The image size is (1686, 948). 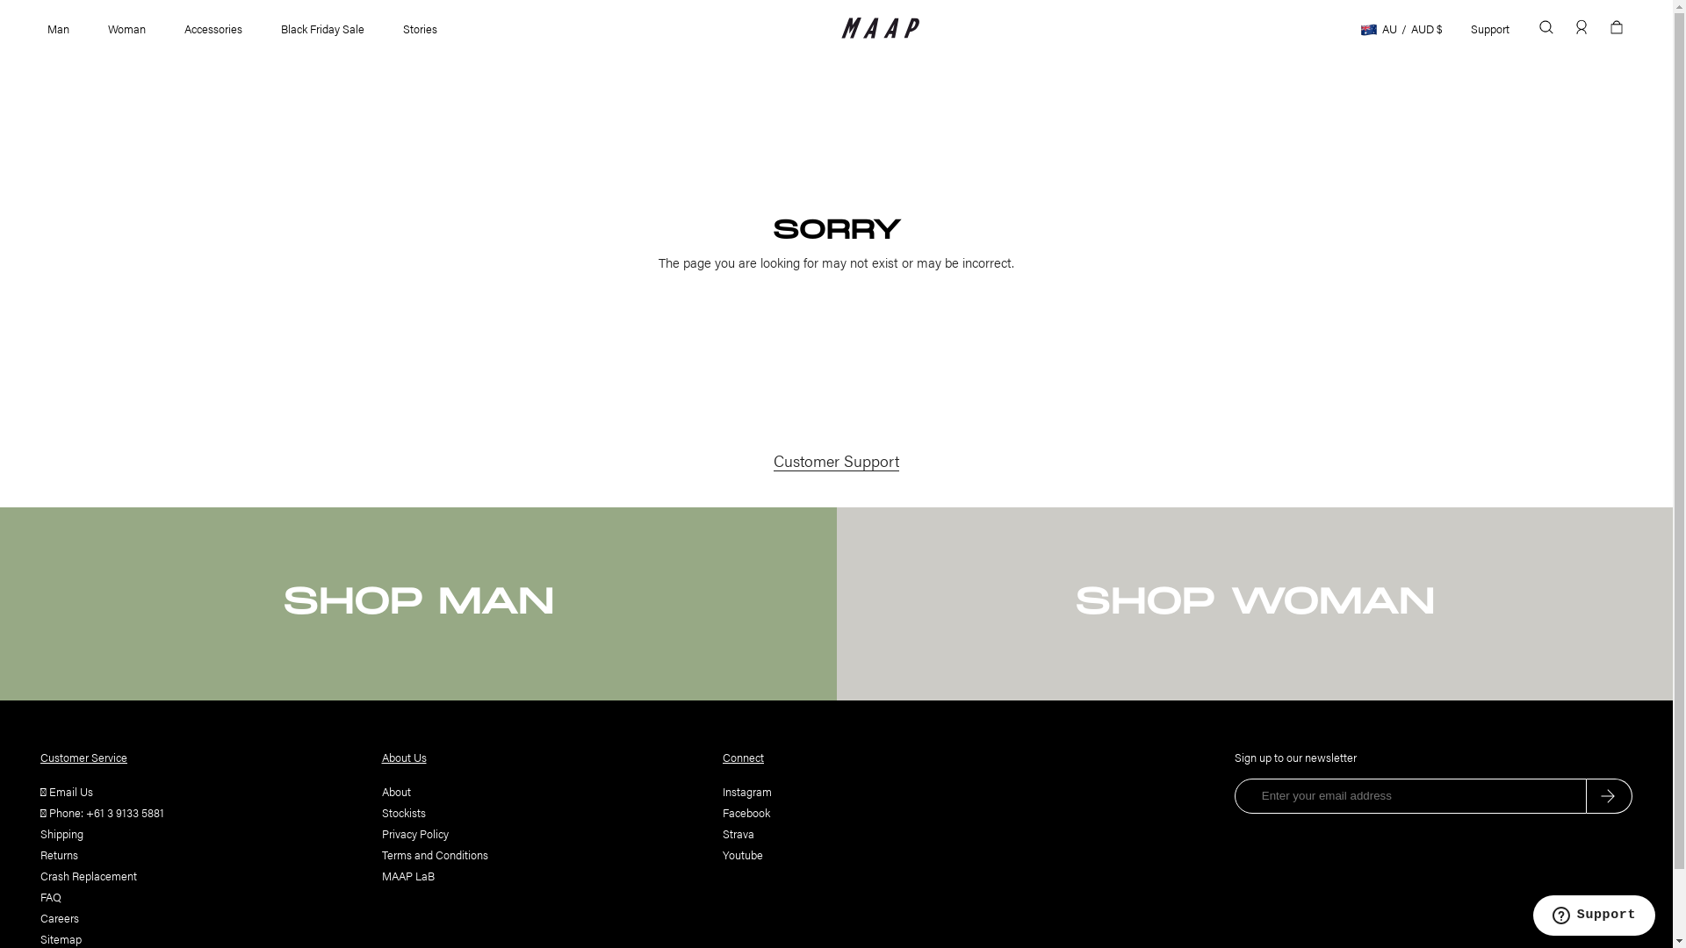 I want to click on 'Privacy Policy', so click(x=413, y=832).